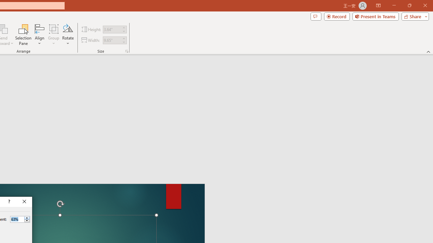  I want to click on 'Context help', so click(8, 201).